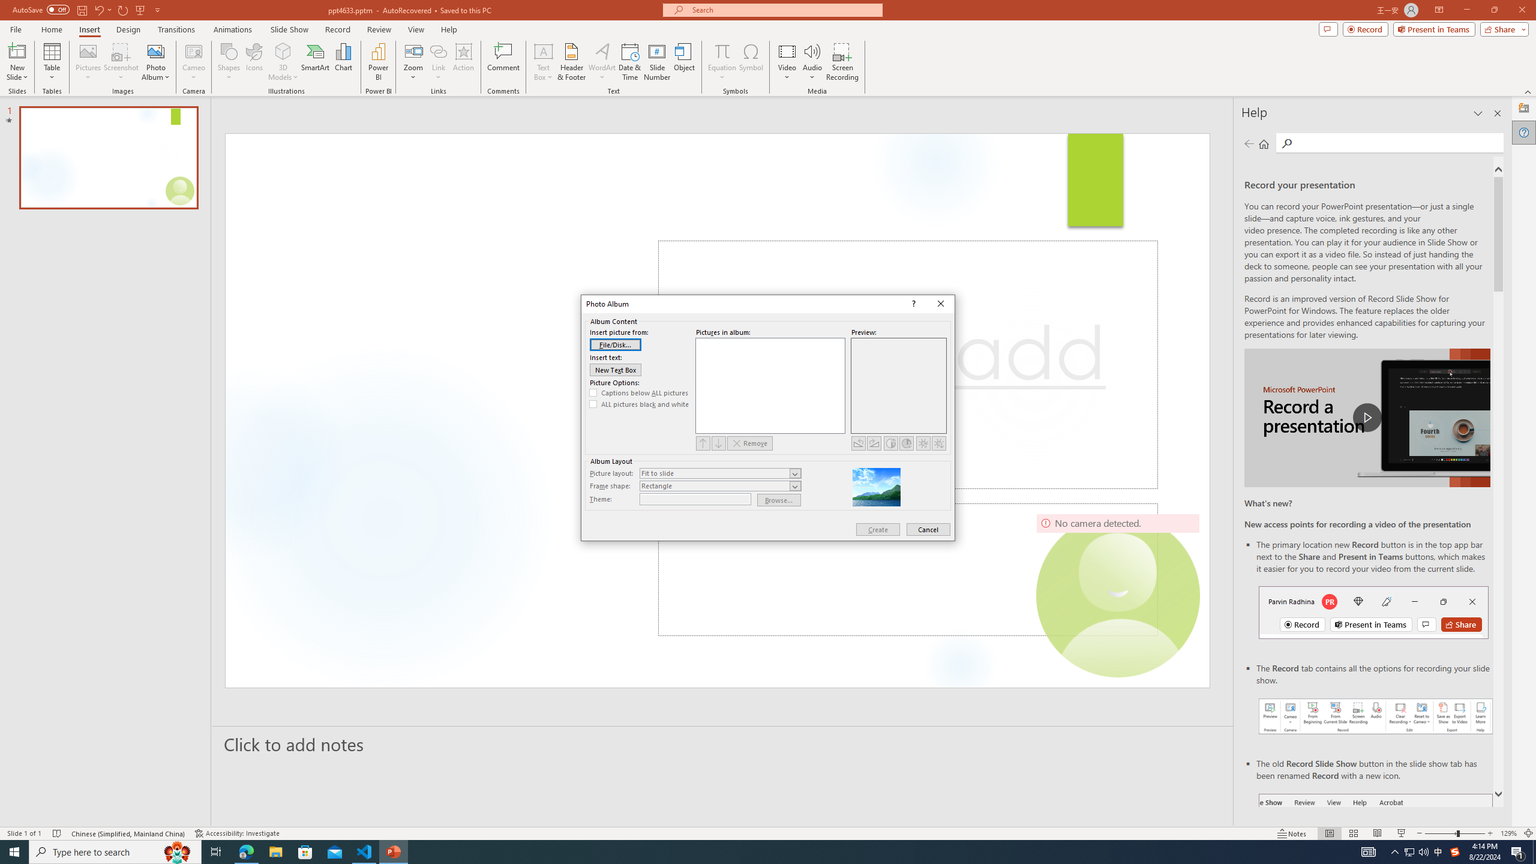 This screenshot has width=1536, height=864. What do you see at coordinates (1373, 611) in the screenshot?
I see `'Record button in top bar'` at bounding box center [1373, 611].